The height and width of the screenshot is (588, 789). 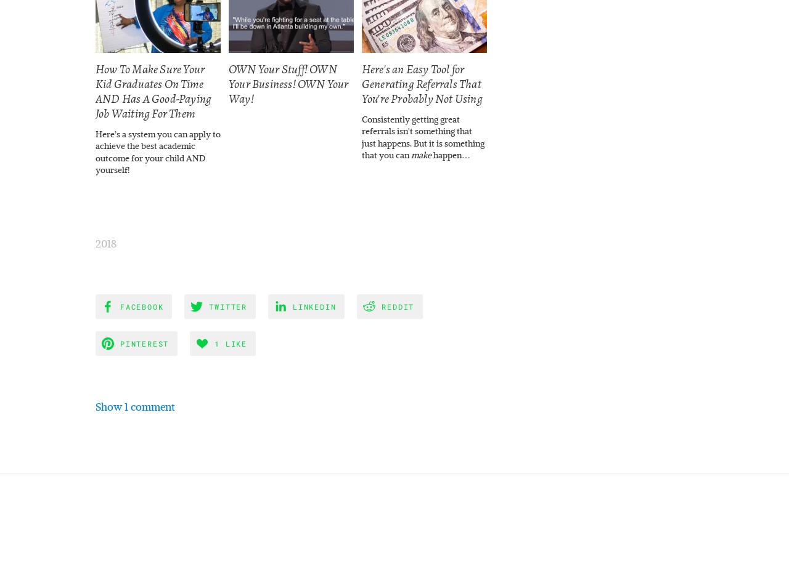 What do you see at coordinates (422, 84) in the screenshot?
I see `'Here's an Easy Tool for Generating Referrals That You're Probably Not Using'` at bounding box center [422, 84].